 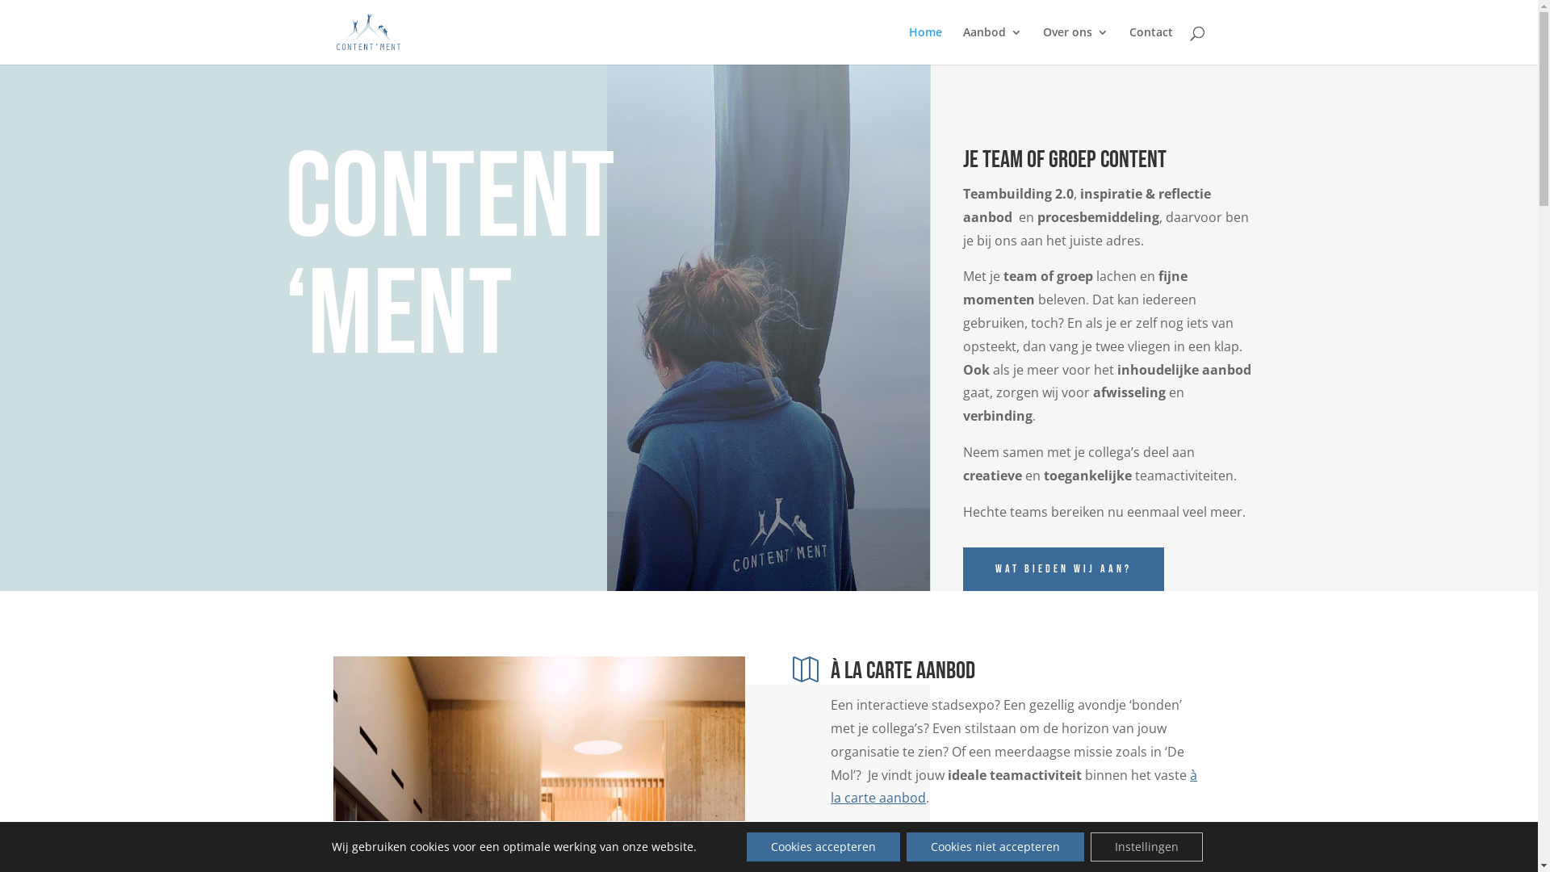 What do you see at coordinates (746, 846) in the screenshot?
I see `'Cookies accepteren'` at bounding box center [746, 846].